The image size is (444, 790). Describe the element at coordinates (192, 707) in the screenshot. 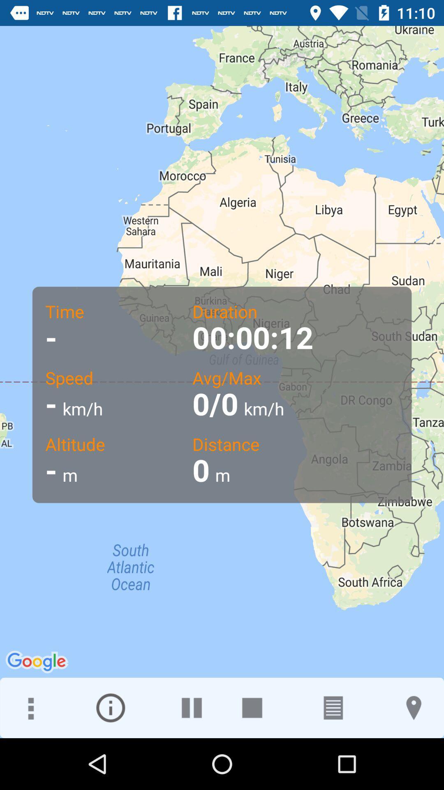

I see `the pause icon` at that location.